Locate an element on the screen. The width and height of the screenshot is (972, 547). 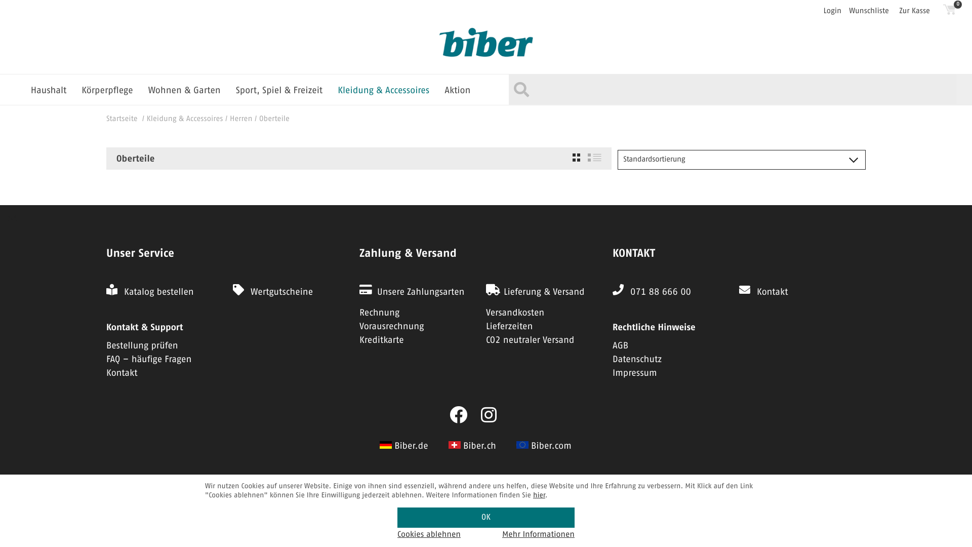
'Wohnen & Garten' is located at coordinates (184, 90).